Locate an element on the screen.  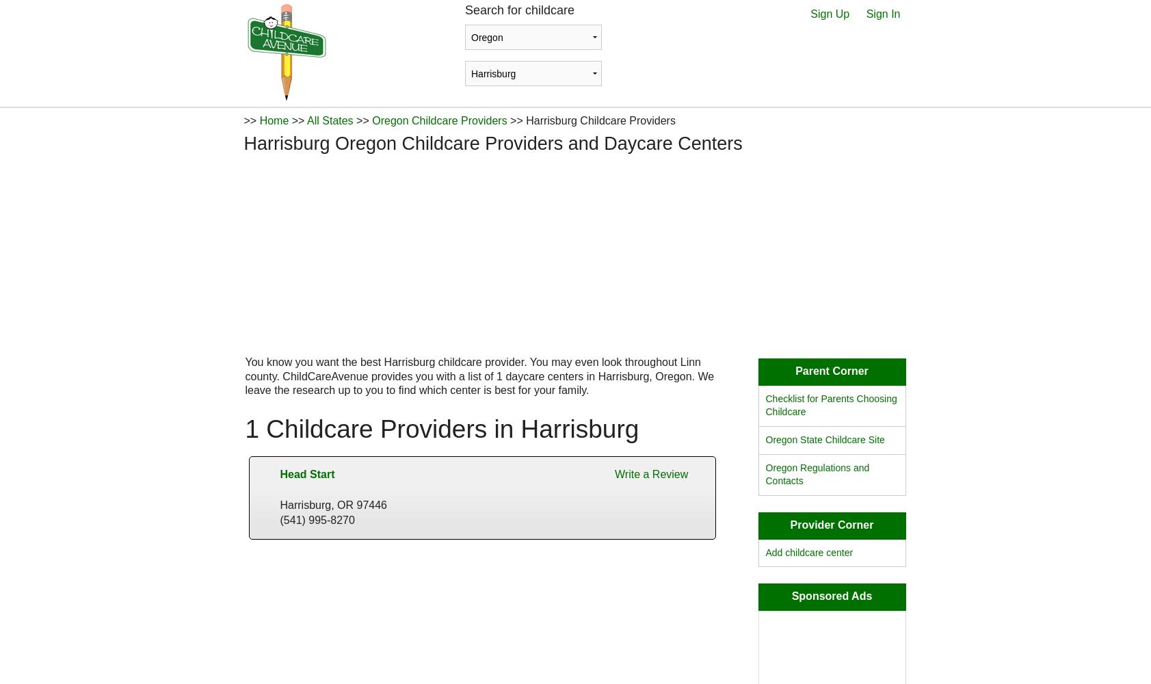
'Write a Review' is located at coordinates (651, 473).